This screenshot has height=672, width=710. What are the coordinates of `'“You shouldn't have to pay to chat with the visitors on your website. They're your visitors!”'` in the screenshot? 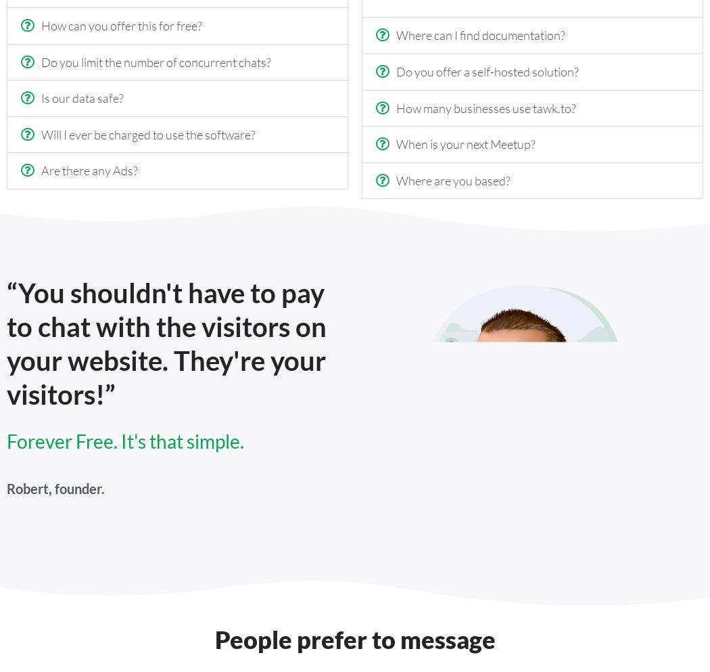 It's located at (166, 343).